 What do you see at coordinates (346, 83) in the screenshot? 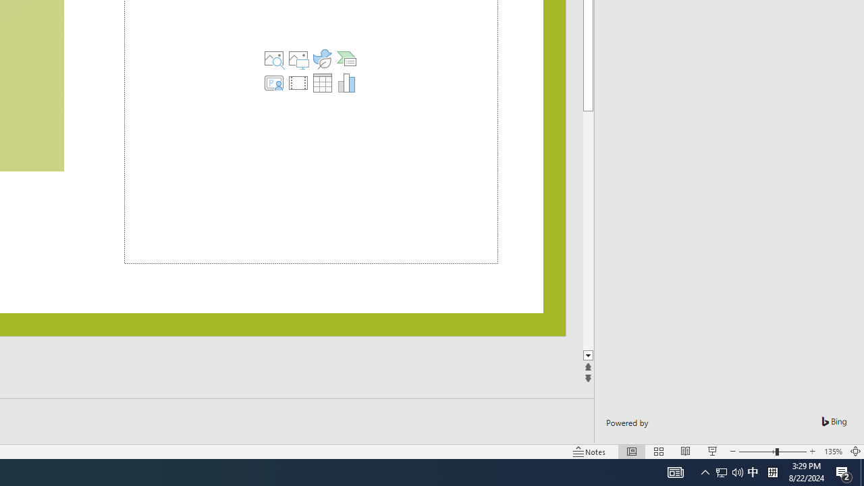
I see `'Insert Chart'` at bounding box center [346, 83].